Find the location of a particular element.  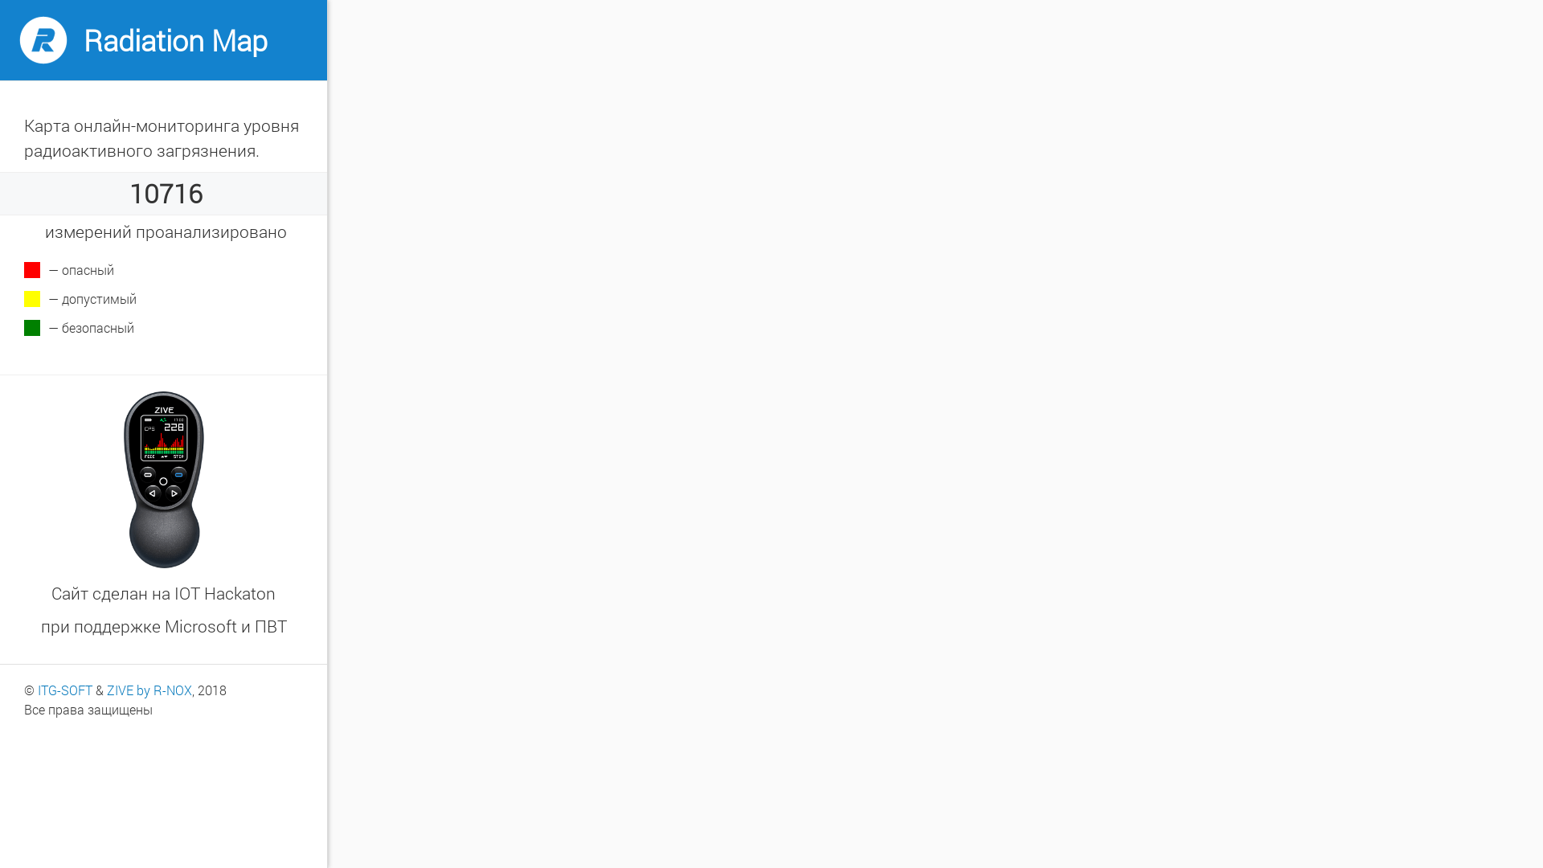

'ZIVE' is located at coordinates (19, 39).